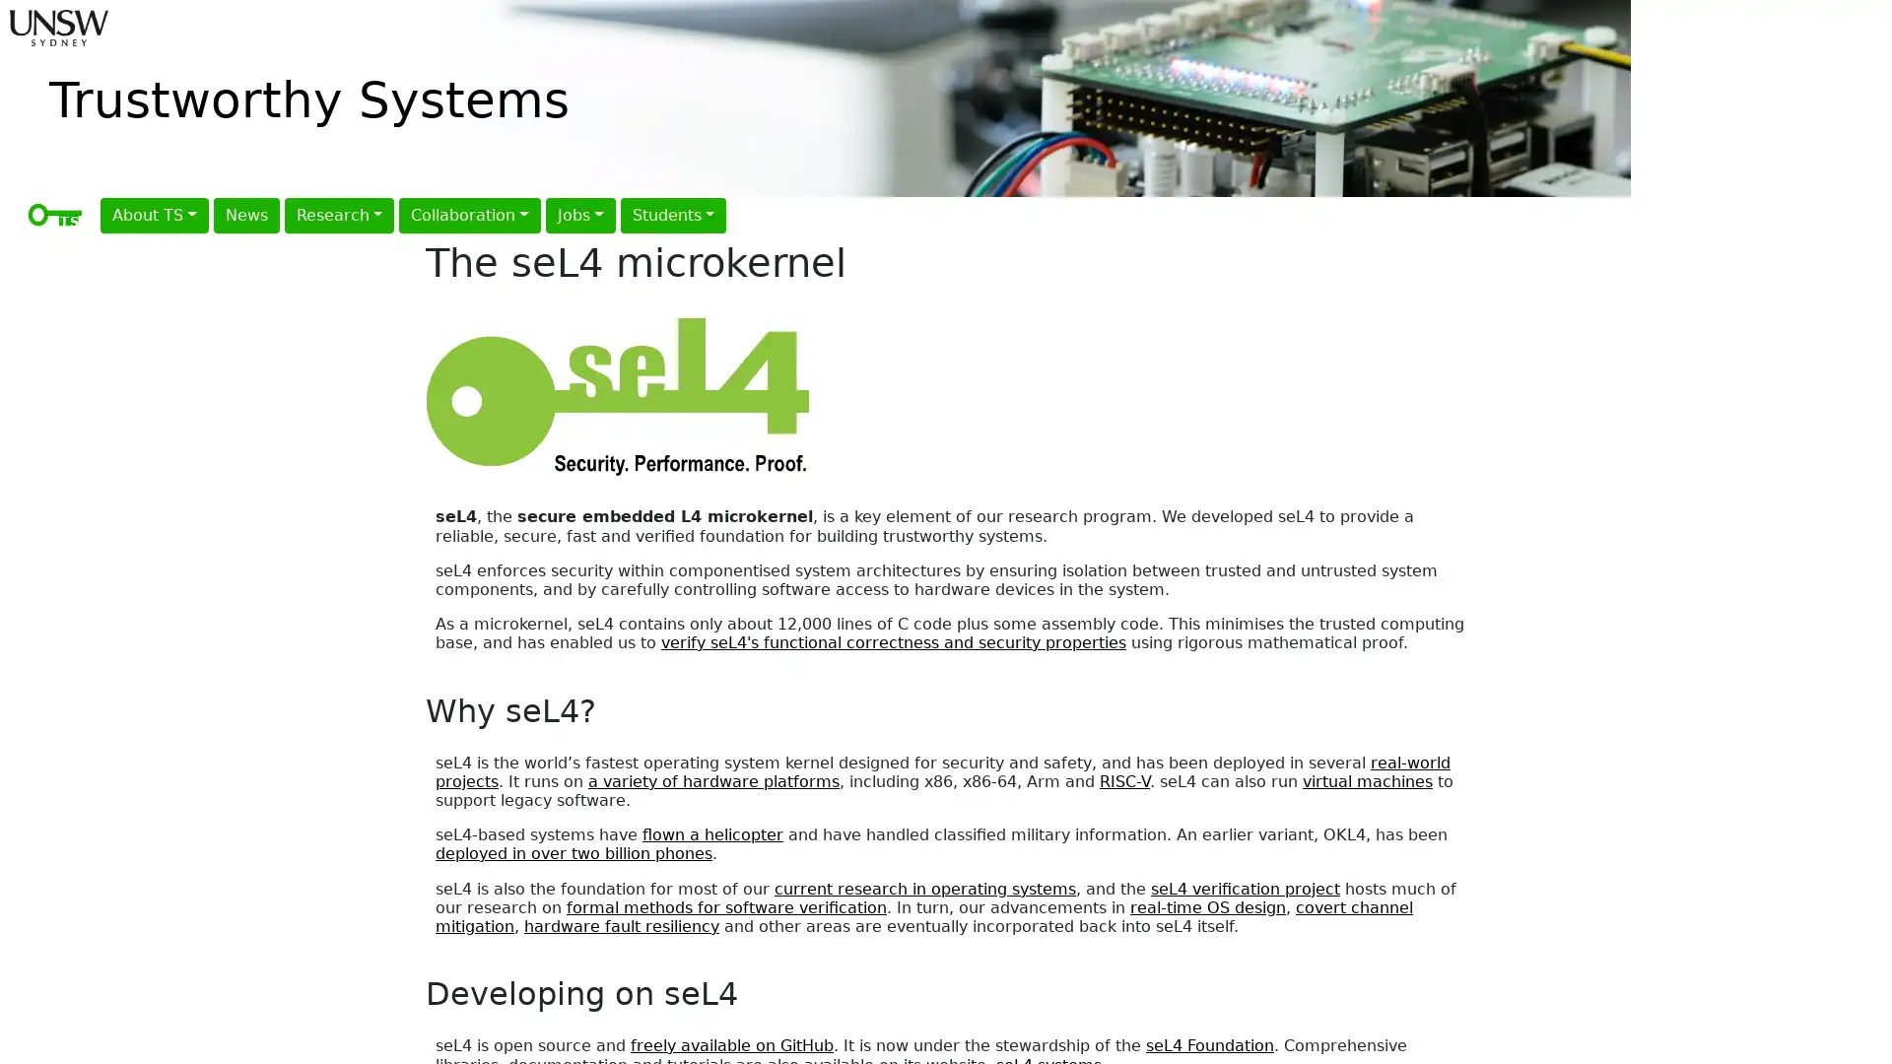  I want to click on Research, so click(339, 215).